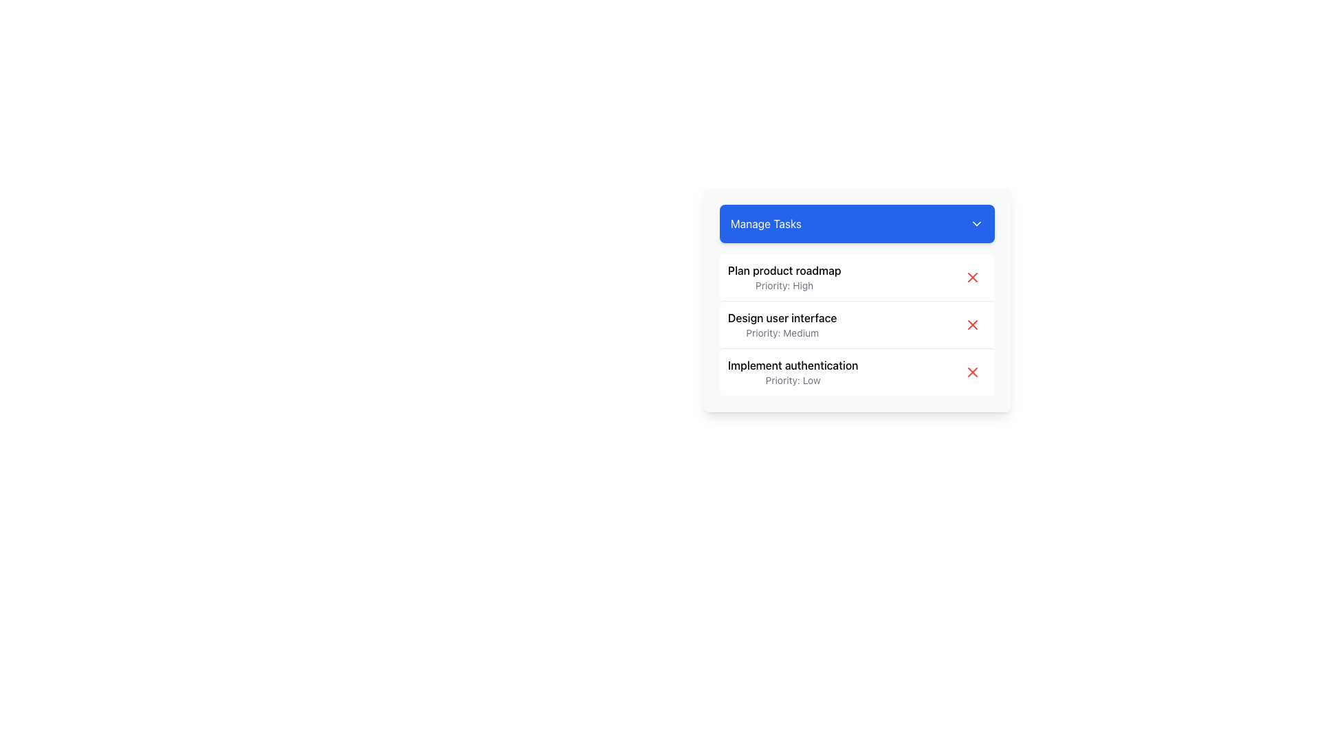 The image size is (1320, 742). I want to click on the Task entry labeled 'Plan product roadmap' with a red 'X' icon to observe any hover effects, so click(857, 278).